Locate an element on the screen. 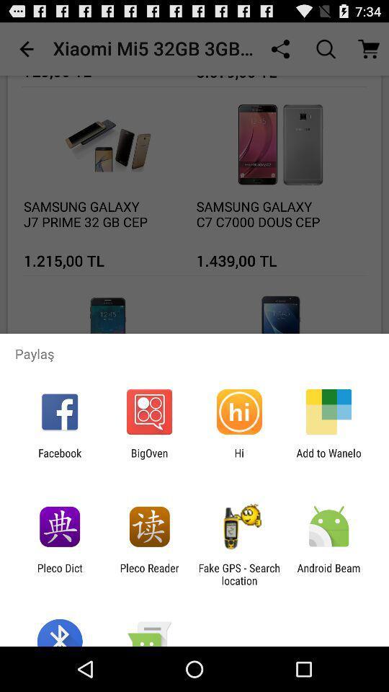 The width and height of the screenshot is (389, 692). app next to the hi icon is located at coordinates (148, 458).